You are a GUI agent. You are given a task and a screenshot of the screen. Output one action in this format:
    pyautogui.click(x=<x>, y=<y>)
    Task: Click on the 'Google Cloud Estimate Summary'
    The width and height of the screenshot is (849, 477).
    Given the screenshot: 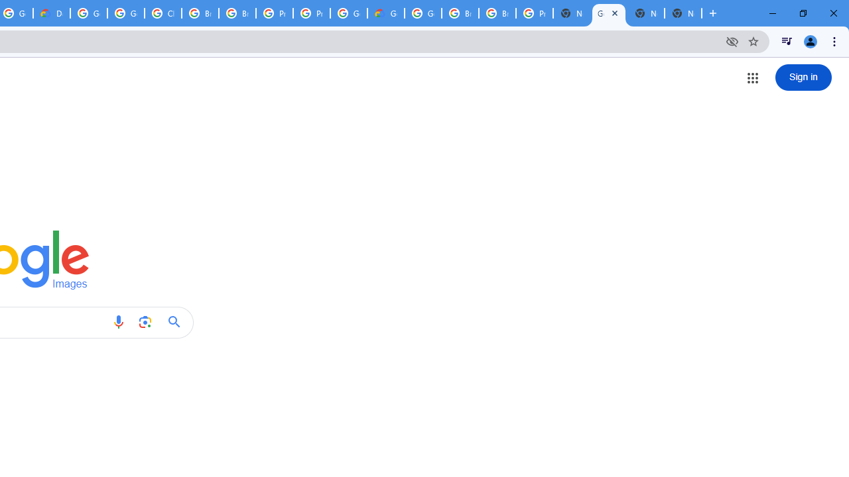 What is the action you would take?
    pyautogui.click(x=385, y=13)
    